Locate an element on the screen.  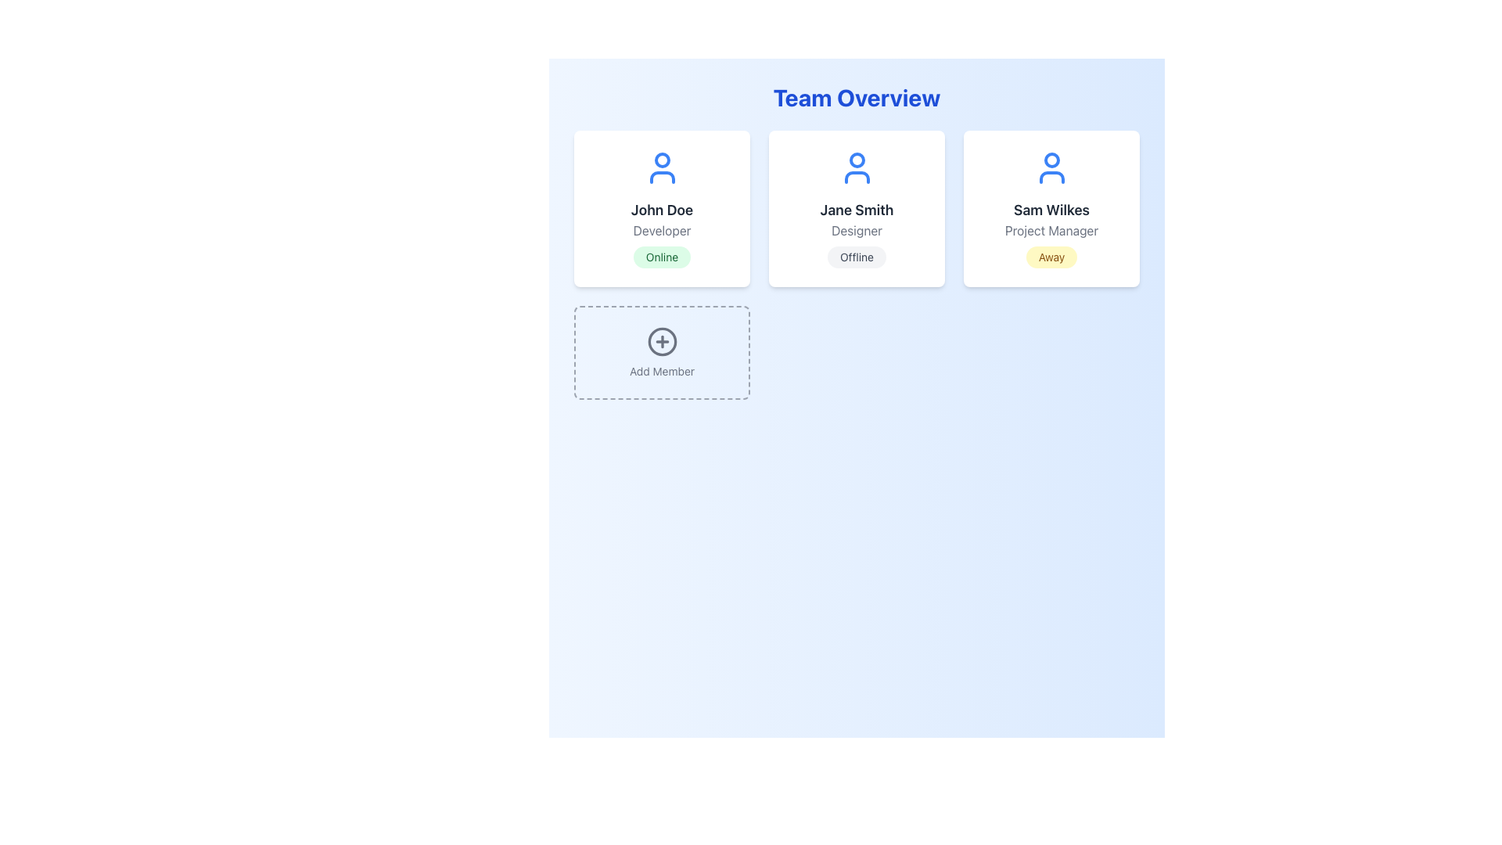
the text label indicating the role or title associated with 'Jane Smith', which is positioned below the name and above the 'Offline' status indicator in the middle column of the card is located at coordinates (856, 230).